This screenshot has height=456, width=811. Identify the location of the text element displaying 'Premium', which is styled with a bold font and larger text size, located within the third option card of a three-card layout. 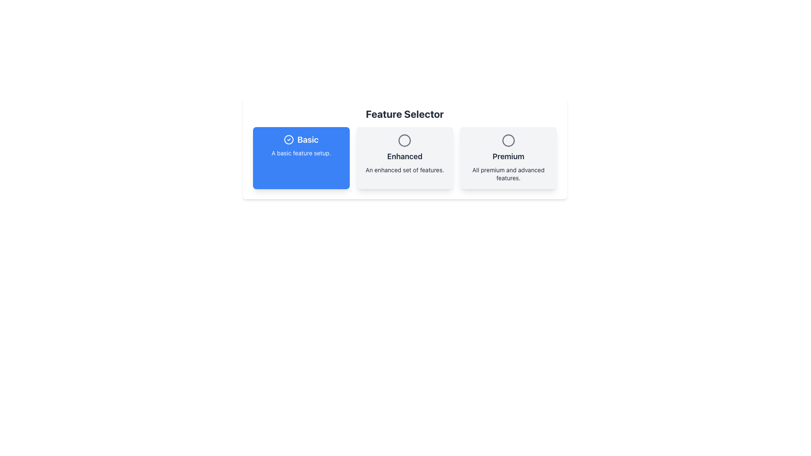
(508, 156).